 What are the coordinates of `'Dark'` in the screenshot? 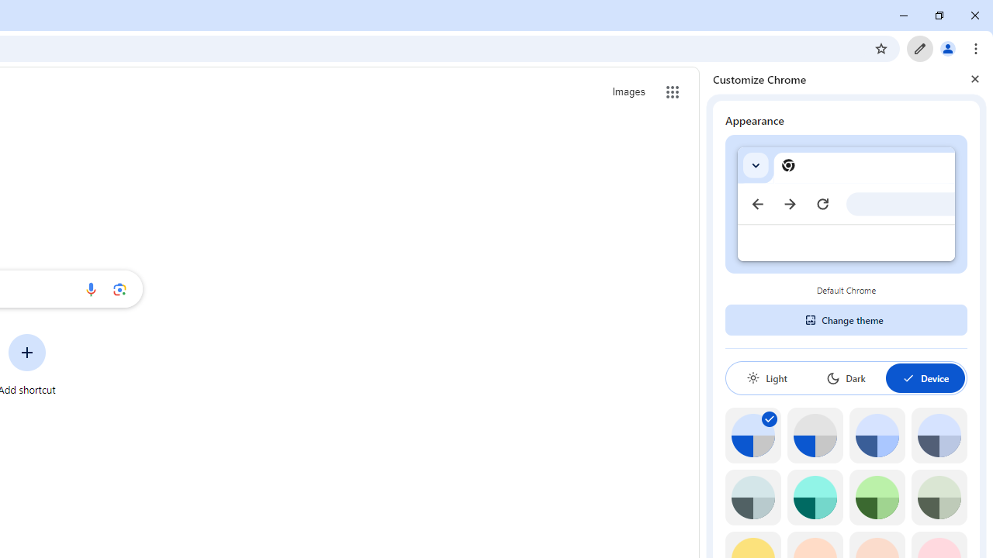 It's located at (845, 377).